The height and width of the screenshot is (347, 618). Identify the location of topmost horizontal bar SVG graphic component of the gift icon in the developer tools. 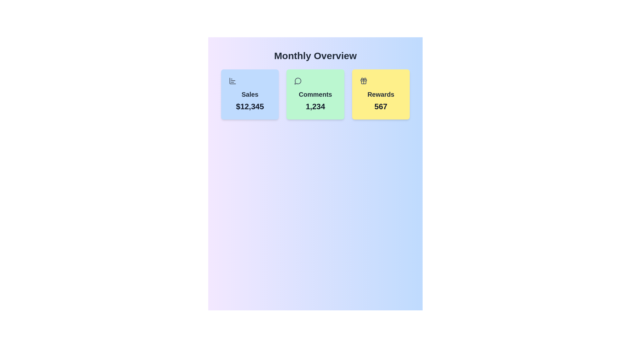
(363, 80).